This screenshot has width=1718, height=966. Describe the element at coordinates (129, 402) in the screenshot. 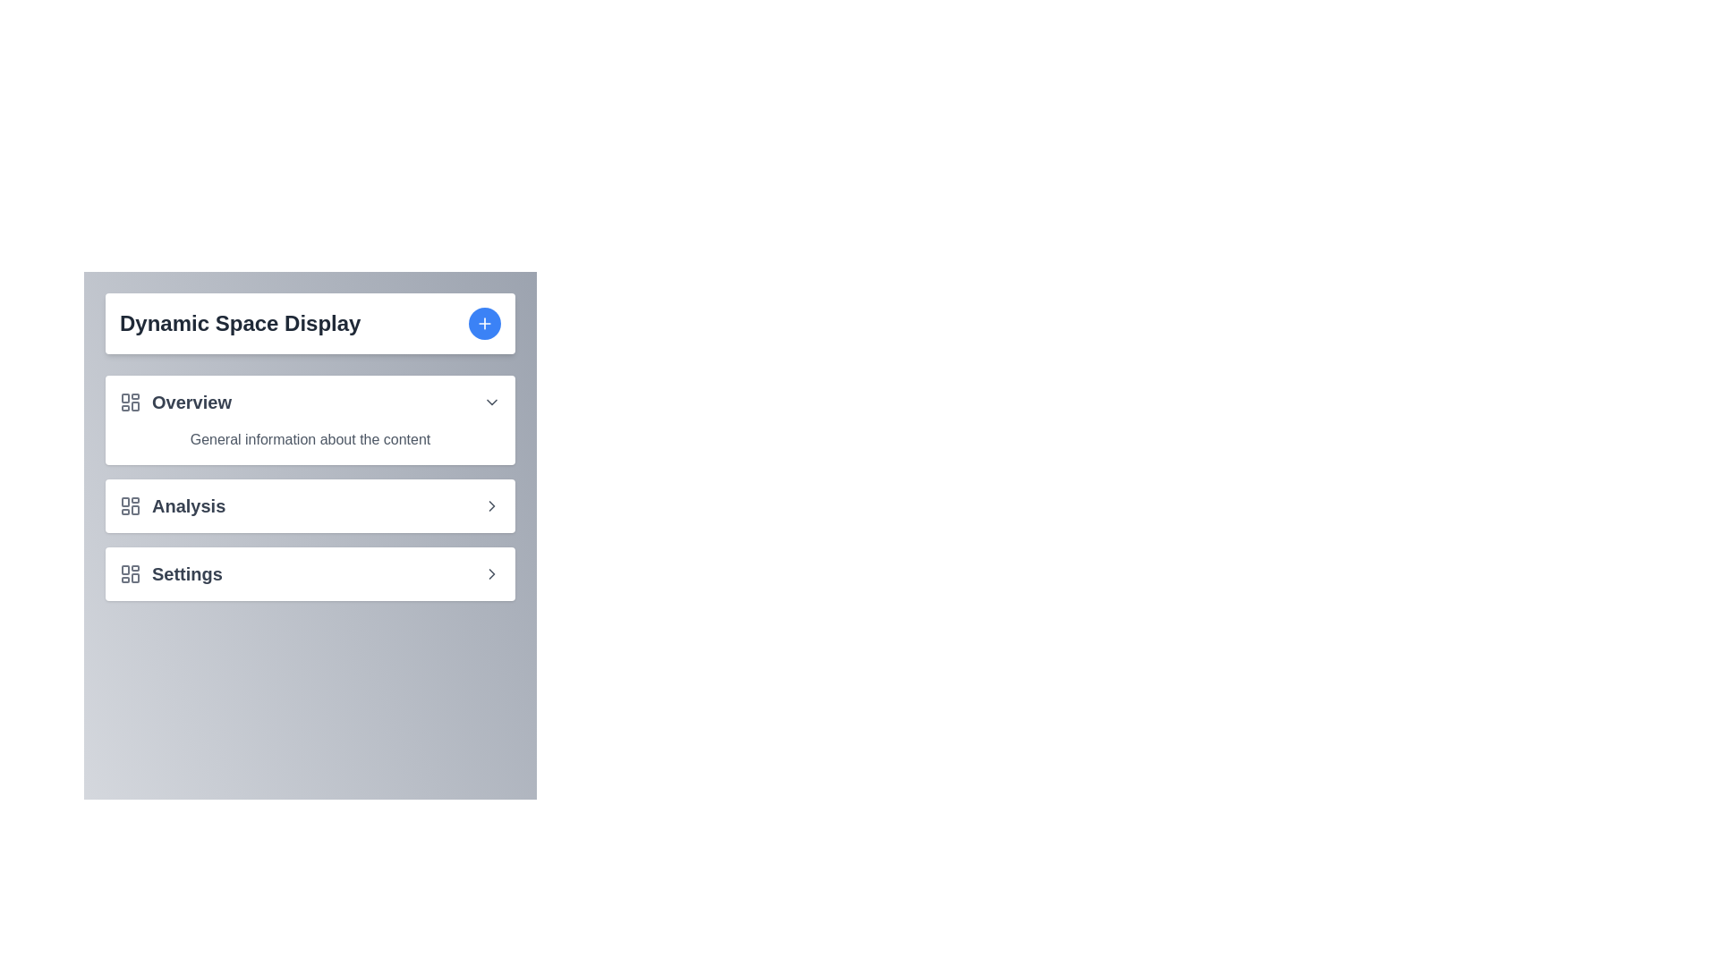

I see `the 'Overview' icon, which is positioned to the left of the text 'Overview' in the first menu item` at that location.